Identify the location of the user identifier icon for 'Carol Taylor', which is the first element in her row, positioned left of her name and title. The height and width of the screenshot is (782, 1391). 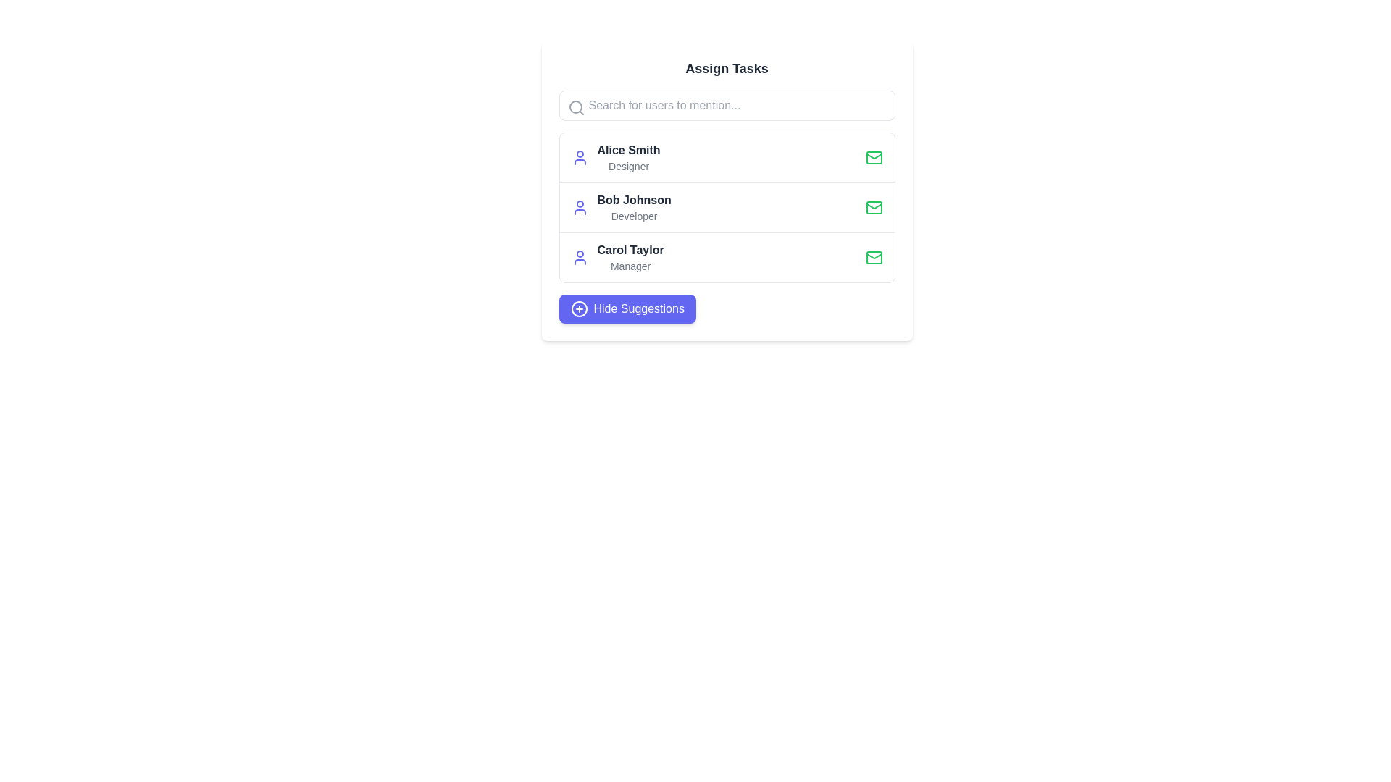
(580, 256).